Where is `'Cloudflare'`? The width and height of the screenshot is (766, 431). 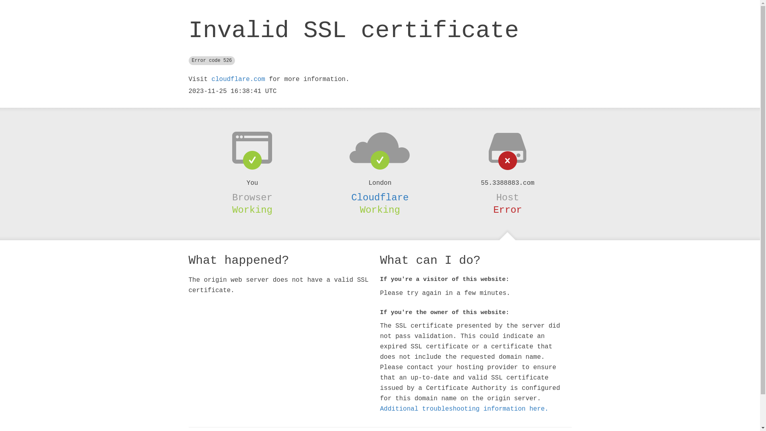 'Cloudflare' is located at coordinates (379, 198).